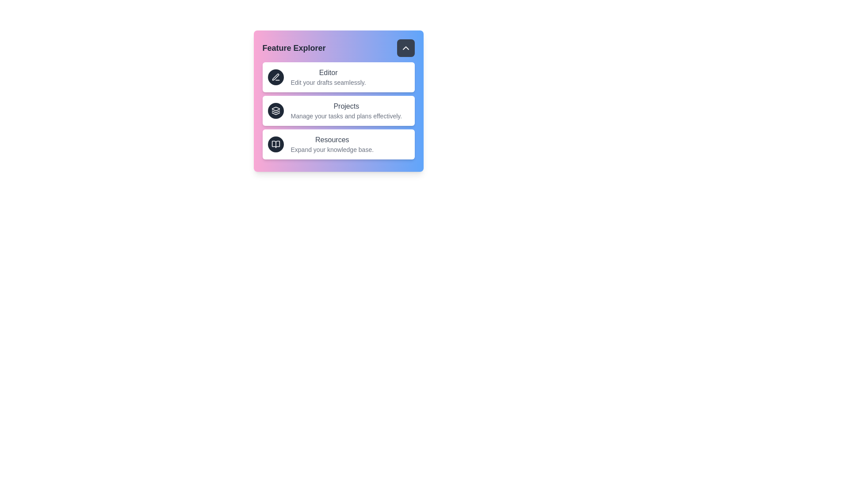  Describe the element at coordinates (405, 48) in the screenshot. I see `the toggle button to toggle the menu visibility` at that location.